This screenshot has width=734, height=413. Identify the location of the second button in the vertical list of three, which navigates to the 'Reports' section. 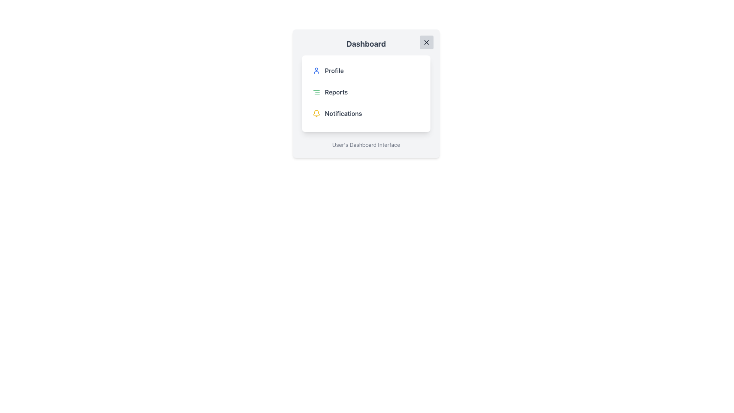
(366, 91).